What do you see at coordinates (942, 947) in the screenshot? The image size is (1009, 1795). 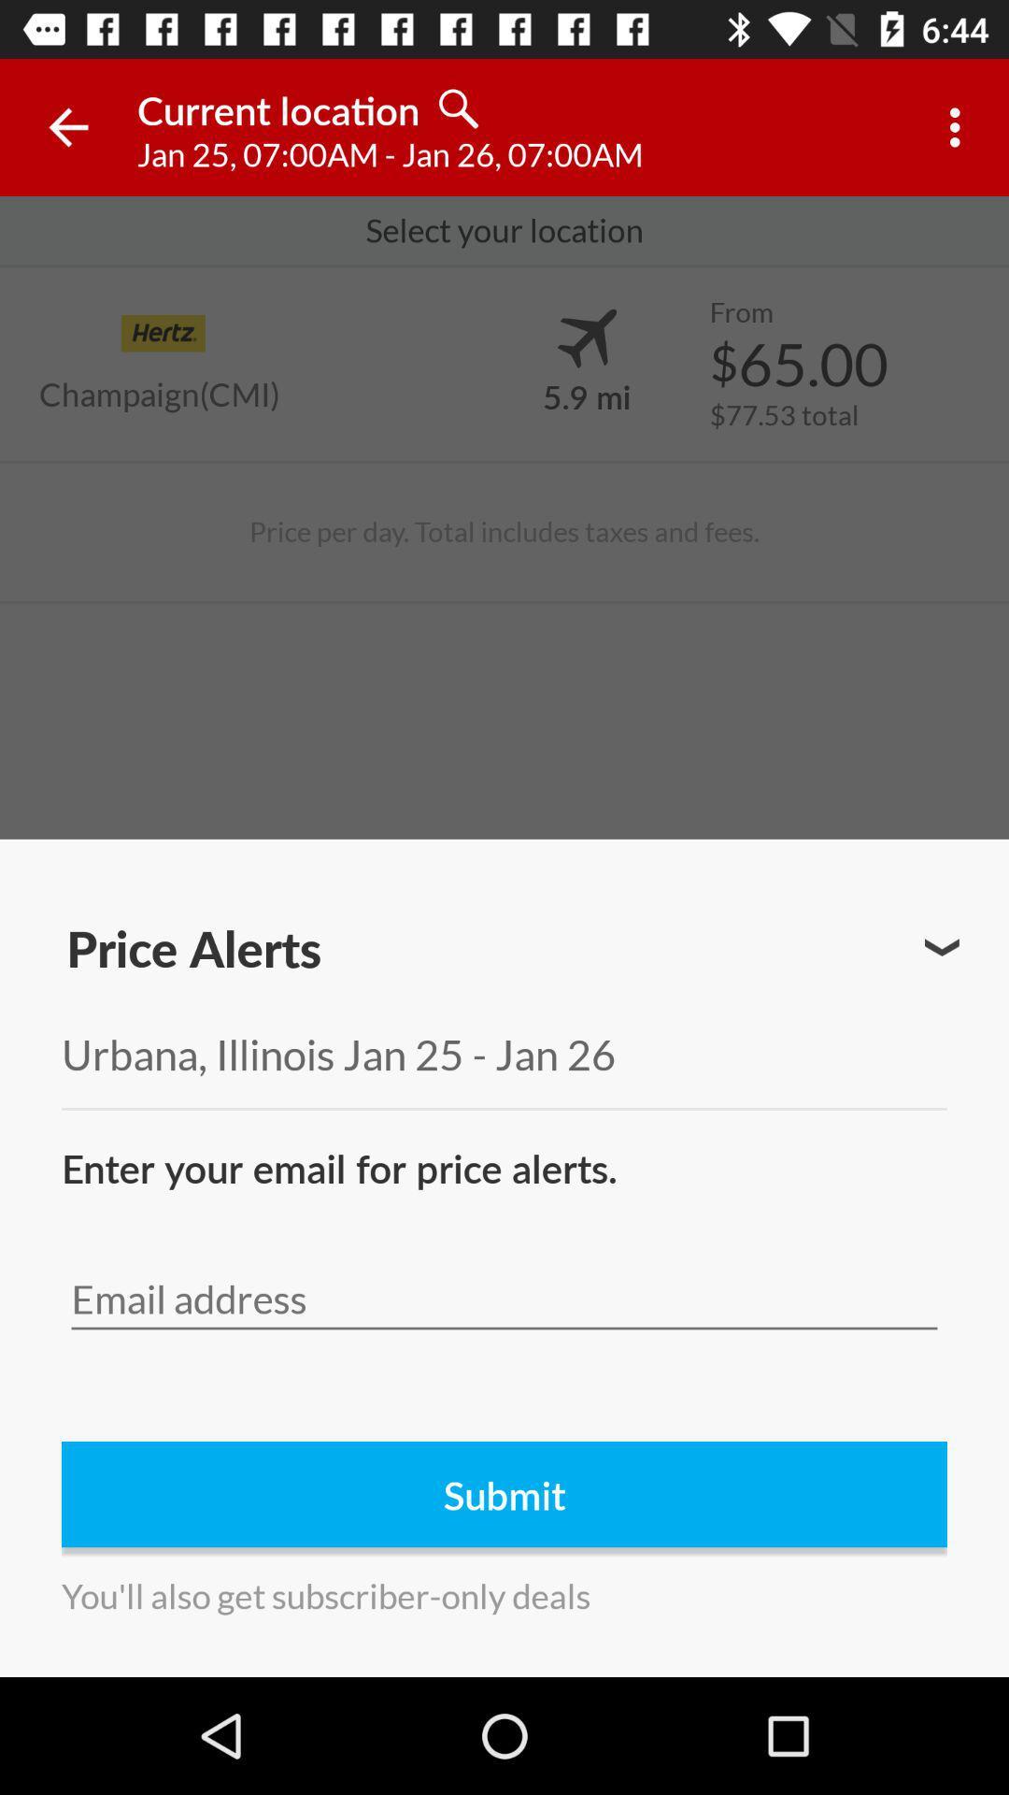 I see `hide popup` at bounding box center [942, 947].